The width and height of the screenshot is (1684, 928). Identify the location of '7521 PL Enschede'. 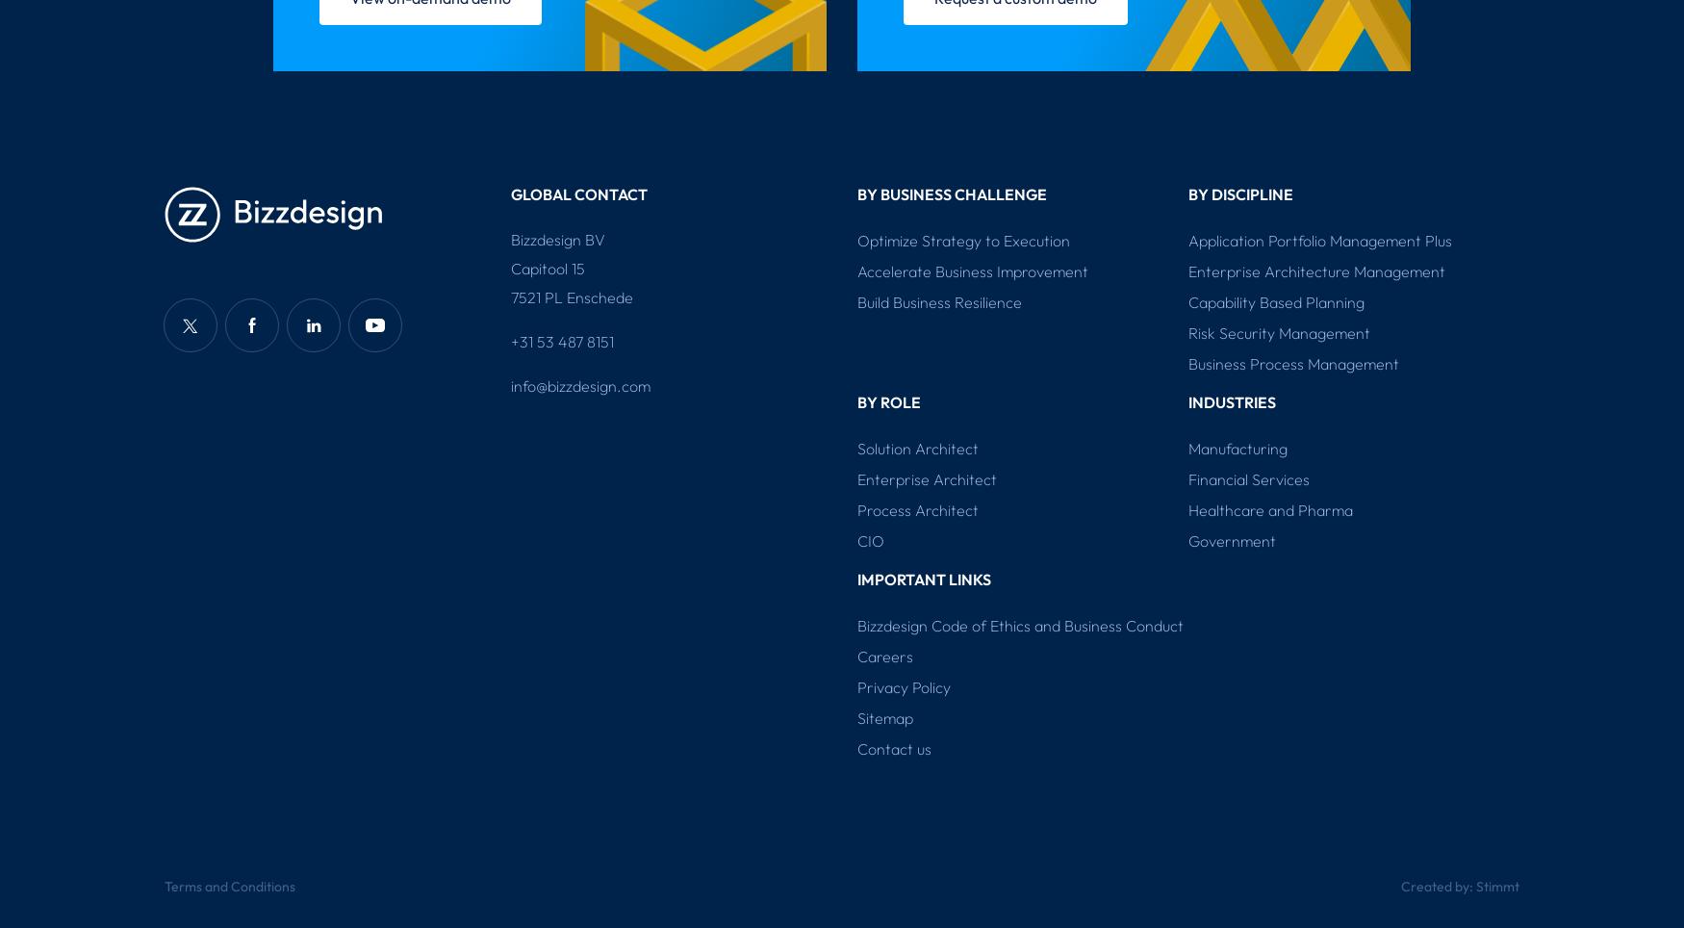
(509, 296).